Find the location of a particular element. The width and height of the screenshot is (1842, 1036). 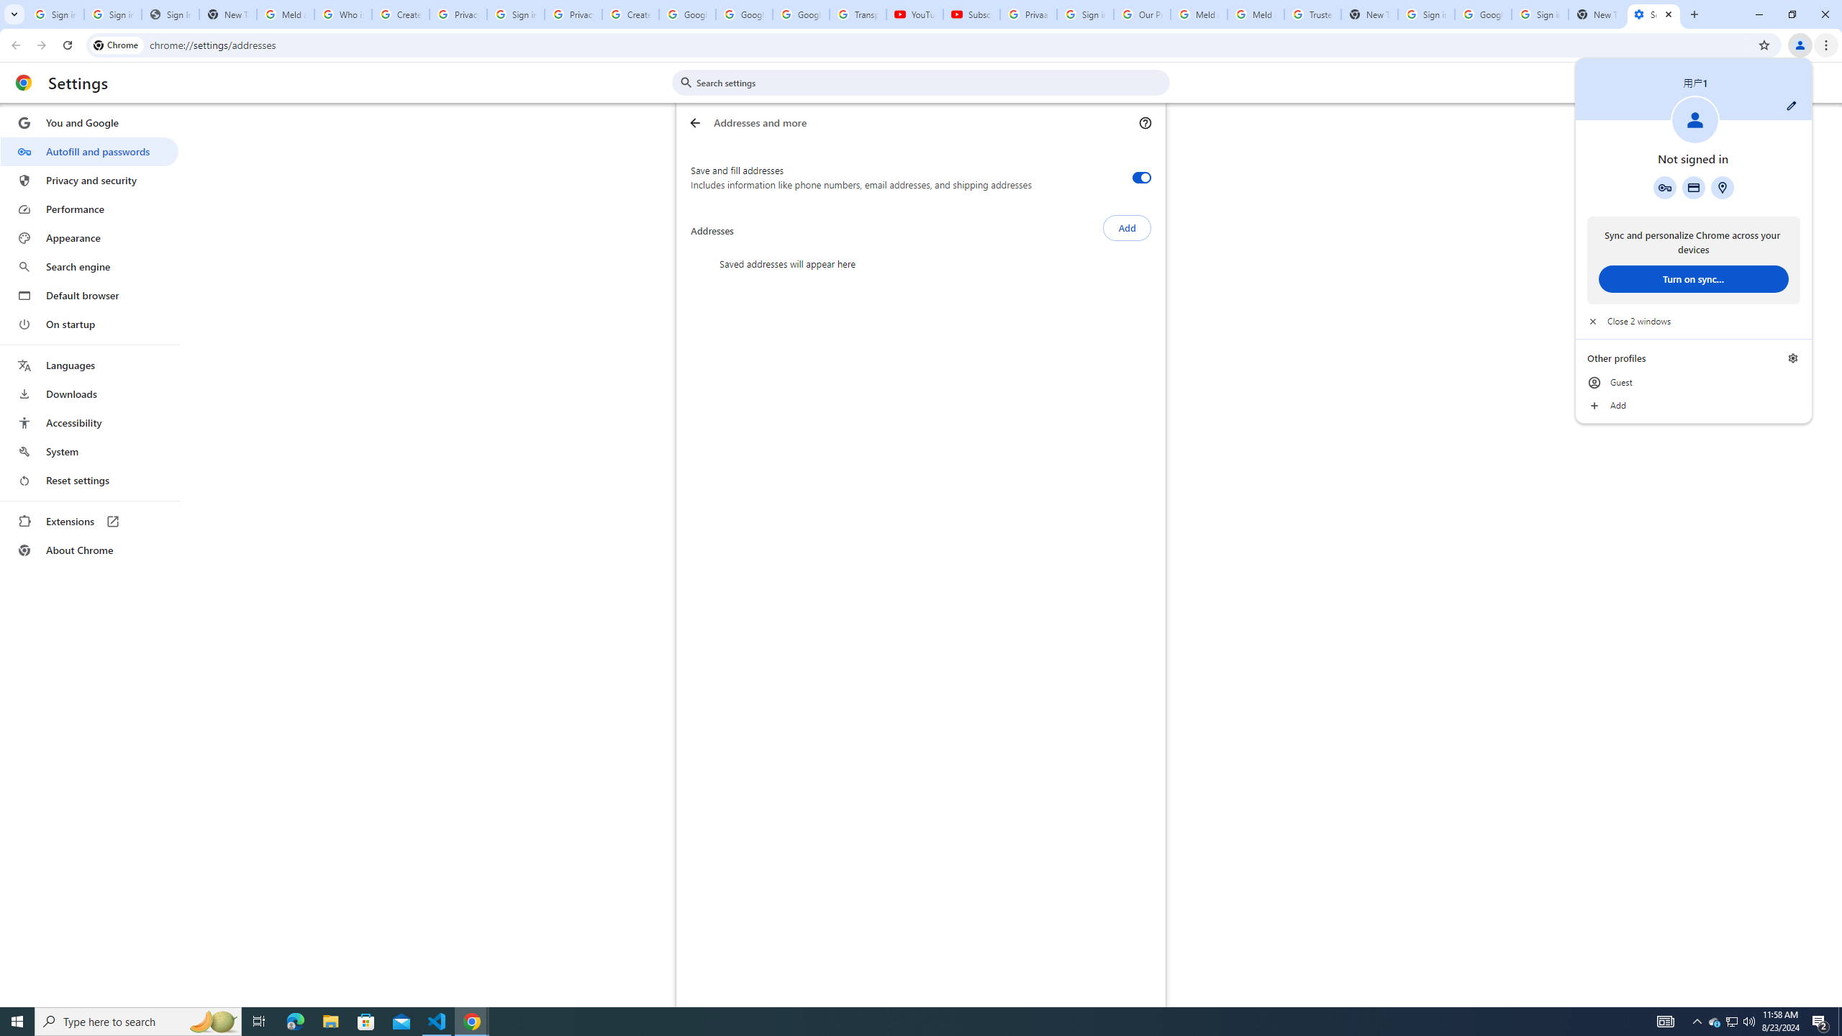

'Payment methods' is located at coordinates (1692, 187).